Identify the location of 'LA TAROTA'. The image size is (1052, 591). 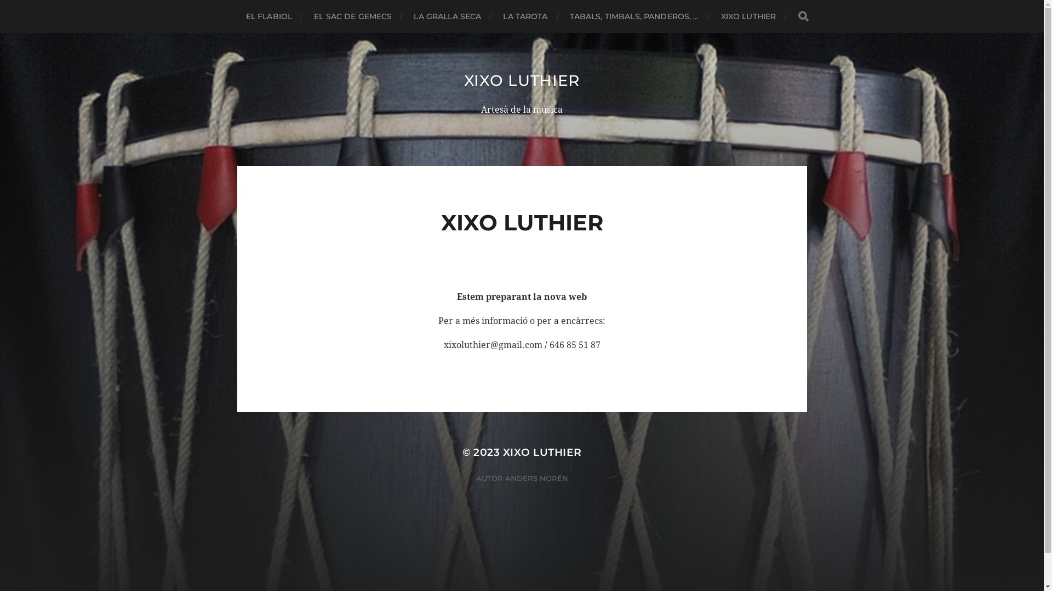
(524, 16).